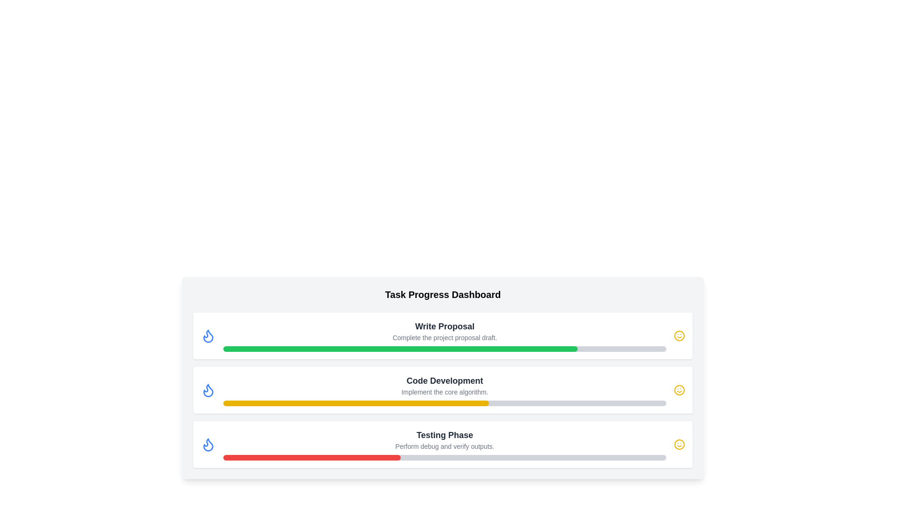  I want to click on the title text for the 'Testing Phase' task in the progress tracker interface, located above the description text and progress bar components, so click(444, 435).